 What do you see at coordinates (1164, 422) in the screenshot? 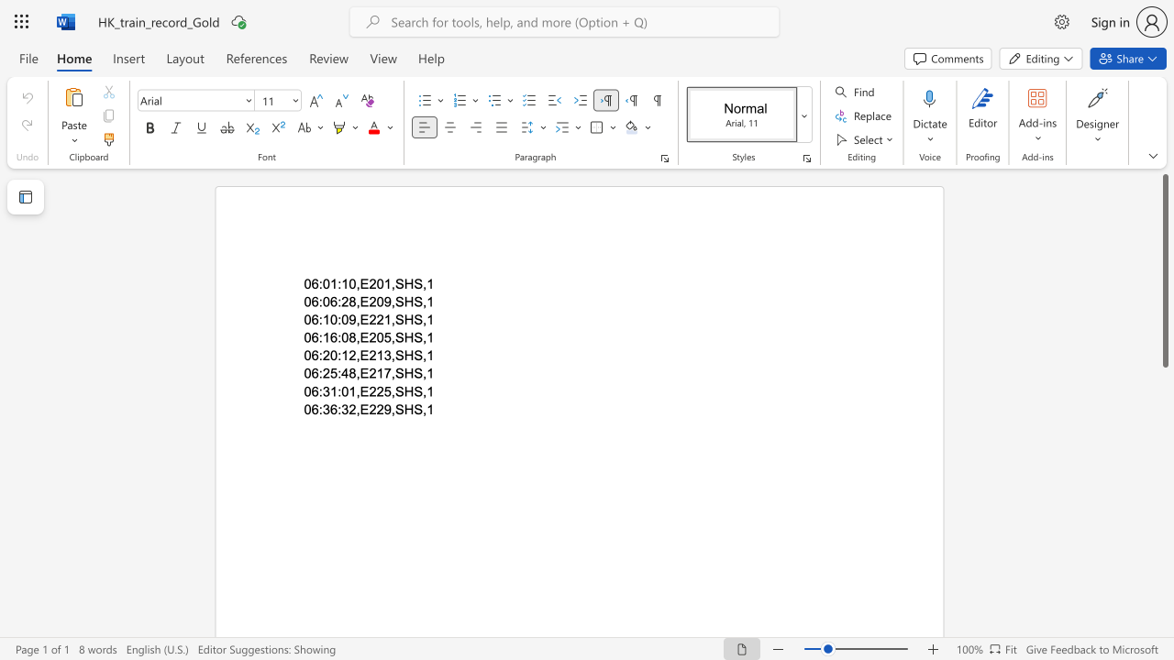
I see `the scrollbar to slide the page down` at bounding box center [1164, 422].